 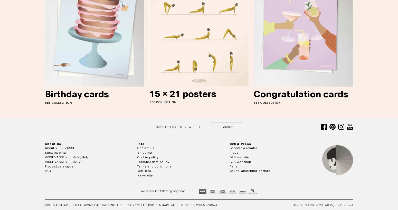 What do you see at coordinates (146, 148) in the screenshot?
I see `'Contact us'` at bounding box center [146, 148].